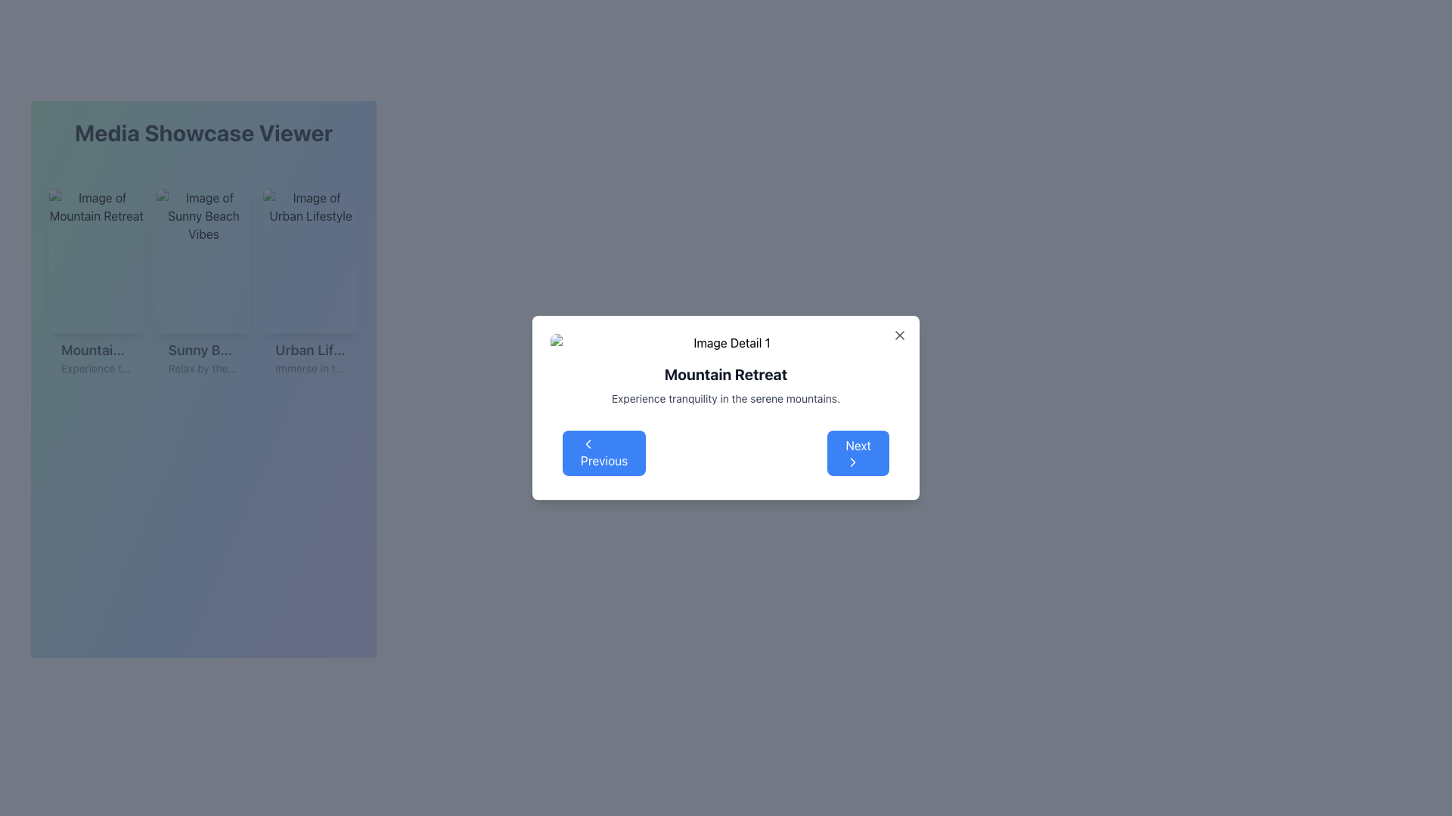  What do you see at coordinates (203, 286) in the screenshot?
I see `the second interactive card in the gallery representing 'Sunny Beach Vibes'` at bounding box center [203, 286].